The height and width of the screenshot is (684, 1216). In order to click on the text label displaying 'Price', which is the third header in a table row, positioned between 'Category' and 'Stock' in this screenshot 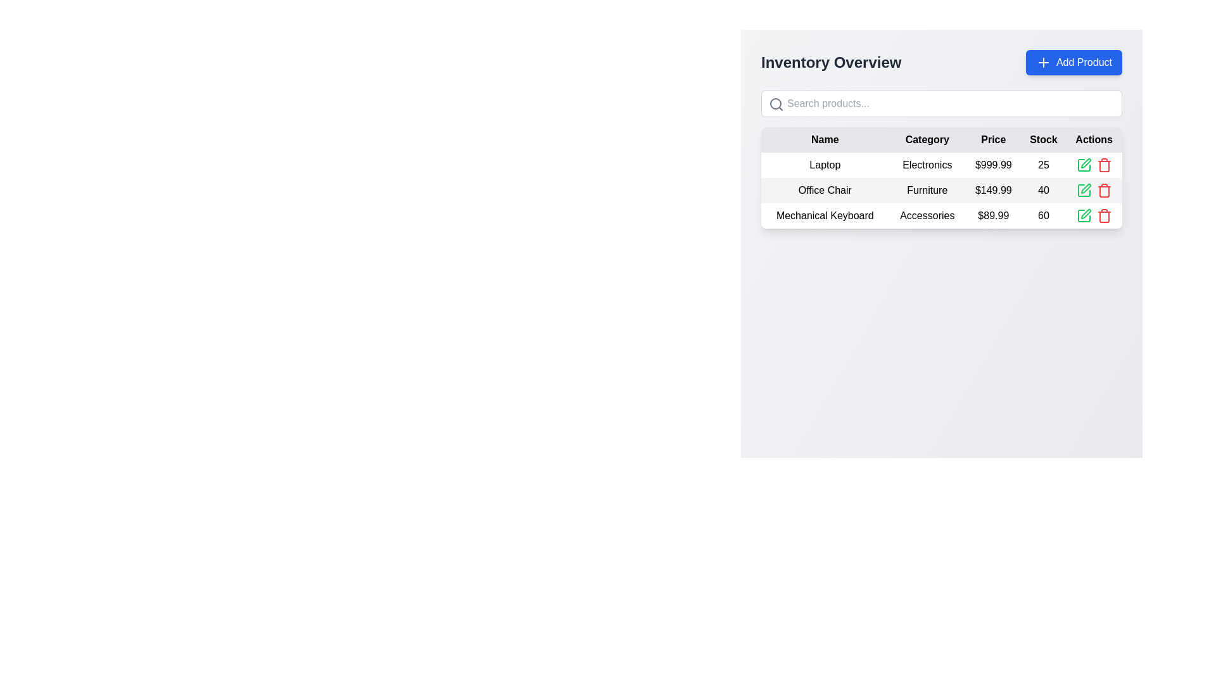, I will do `click(992, 139)`.